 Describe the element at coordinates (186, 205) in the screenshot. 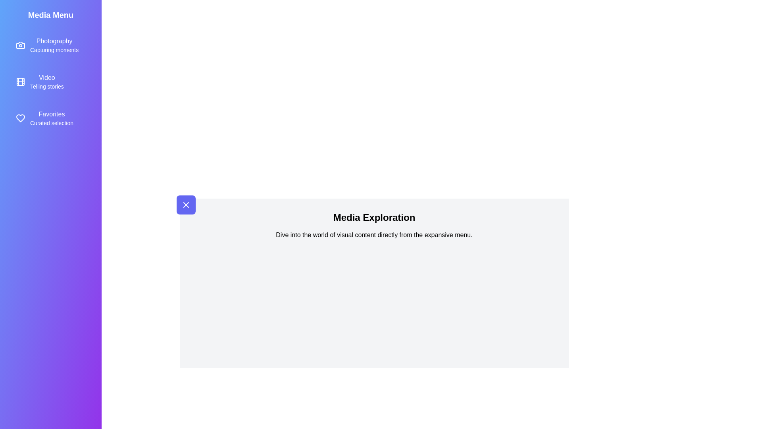

I see `the toggle button to open or close the drawer` at that location.